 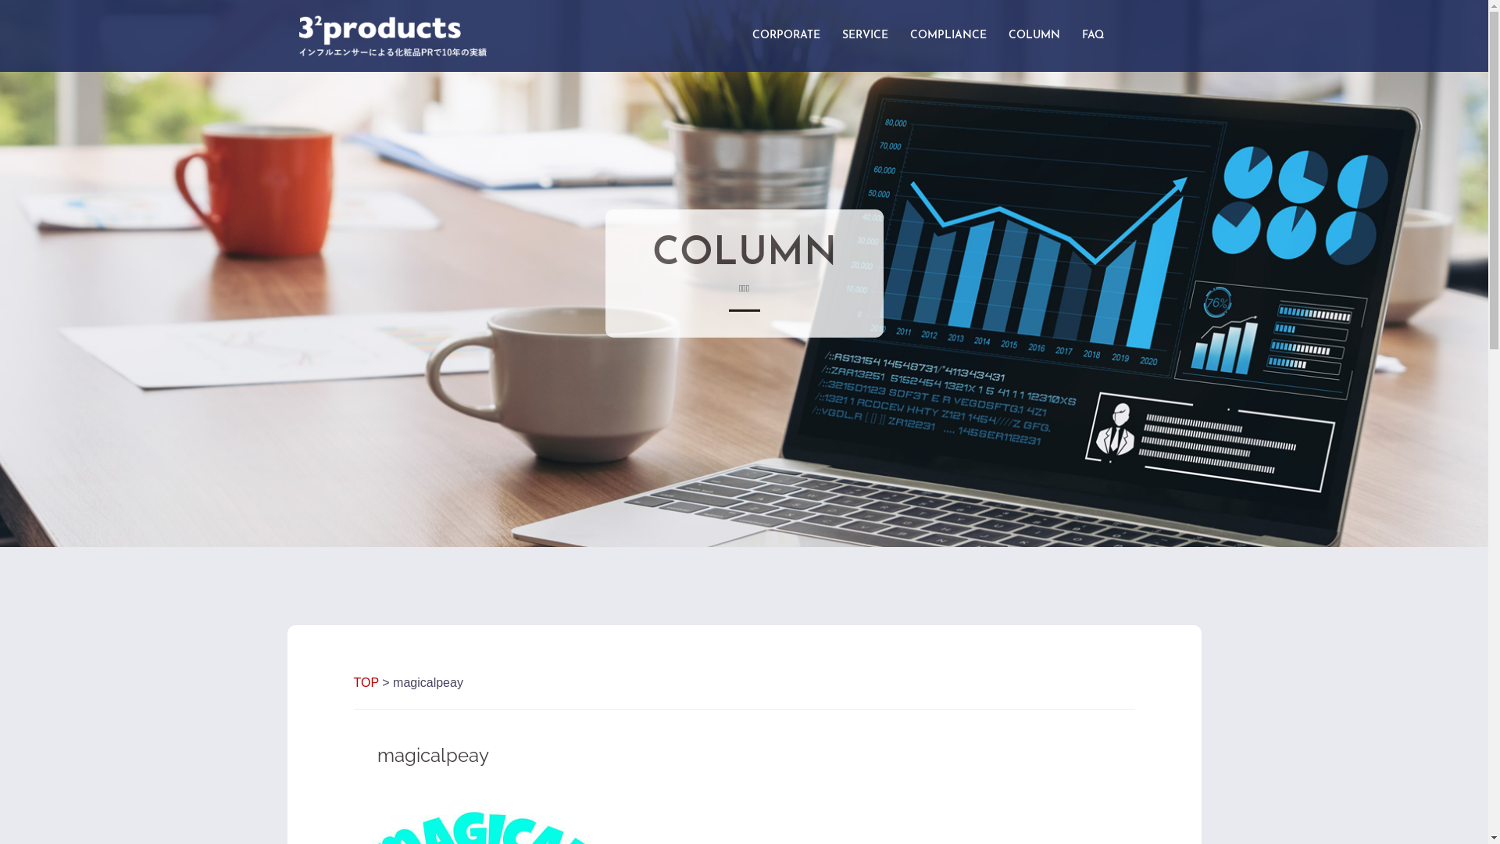 What do you see at coordinates (864, 35) in the screenshot?
I see `'SERVICE'` at bounding box center [864, 35].